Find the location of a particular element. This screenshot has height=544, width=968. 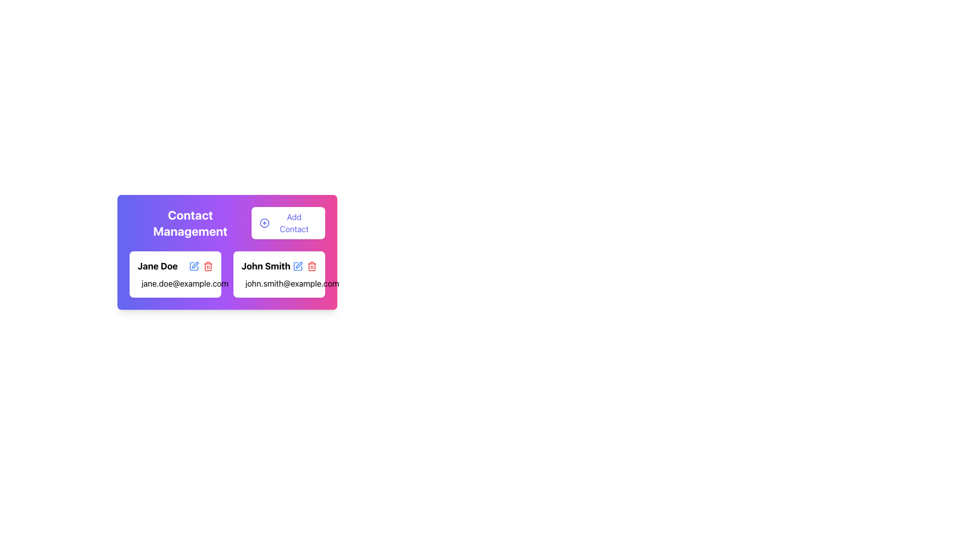

the 'Add New Contact' button located to the right of the 'Contact Management' text is located at coordinates (287, 223).